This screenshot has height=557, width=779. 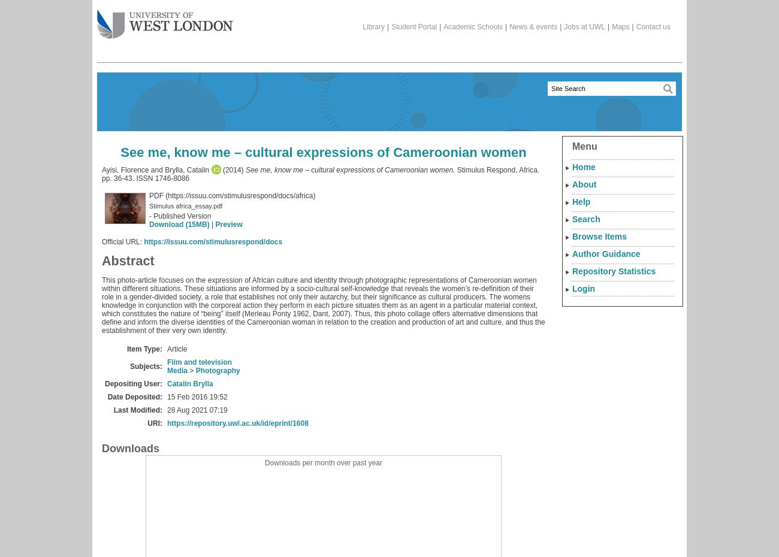 I want to click on 'Menu', so click(x=584, y=146).